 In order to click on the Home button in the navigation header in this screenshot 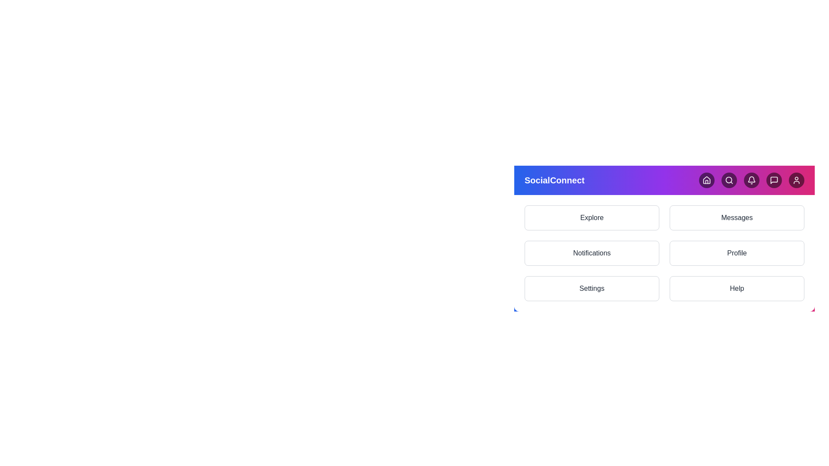, I will do `click(706, 179)`.